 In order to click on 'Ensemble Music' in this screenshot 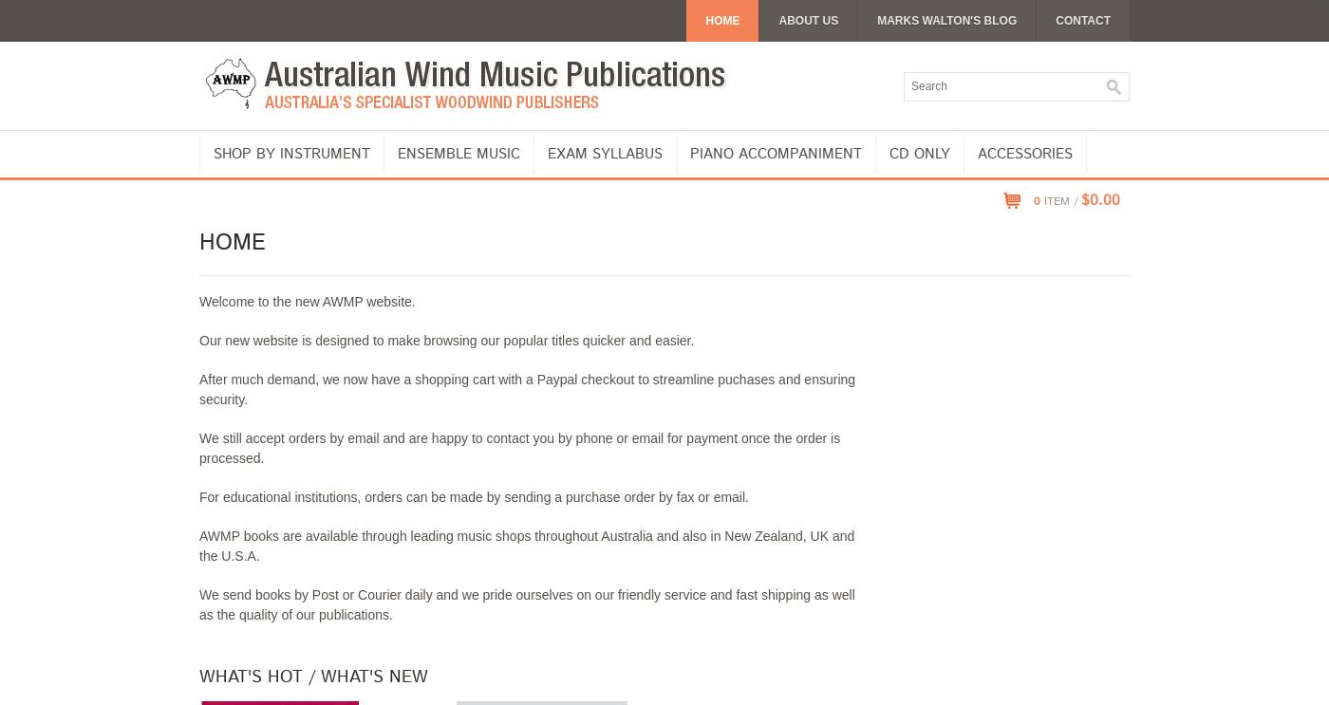, I will do `click(398, 153)`.